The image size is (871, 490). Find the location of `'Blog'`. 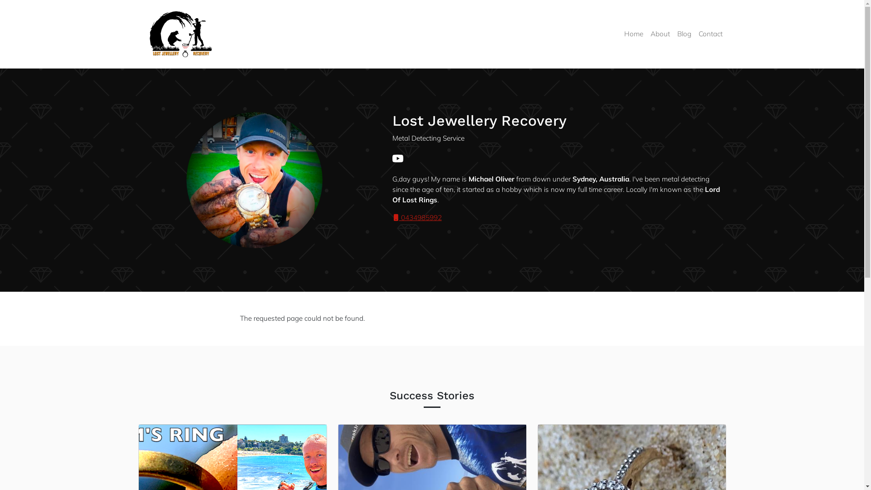

'Blog' is located at coordinates (684, 34).